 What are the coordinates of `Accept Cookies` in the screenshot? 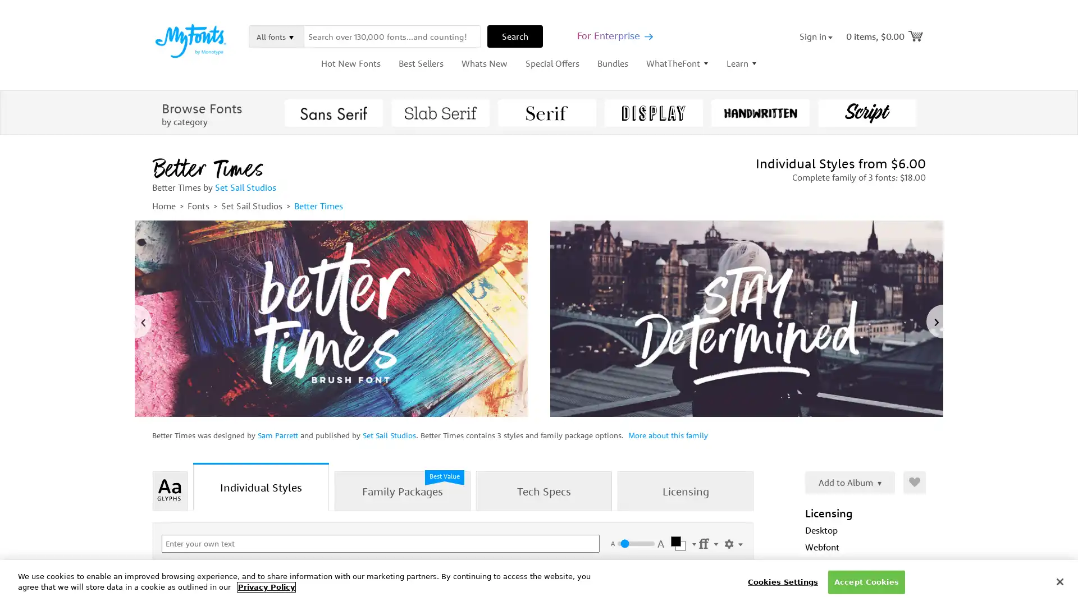 It's located at (865, 581).